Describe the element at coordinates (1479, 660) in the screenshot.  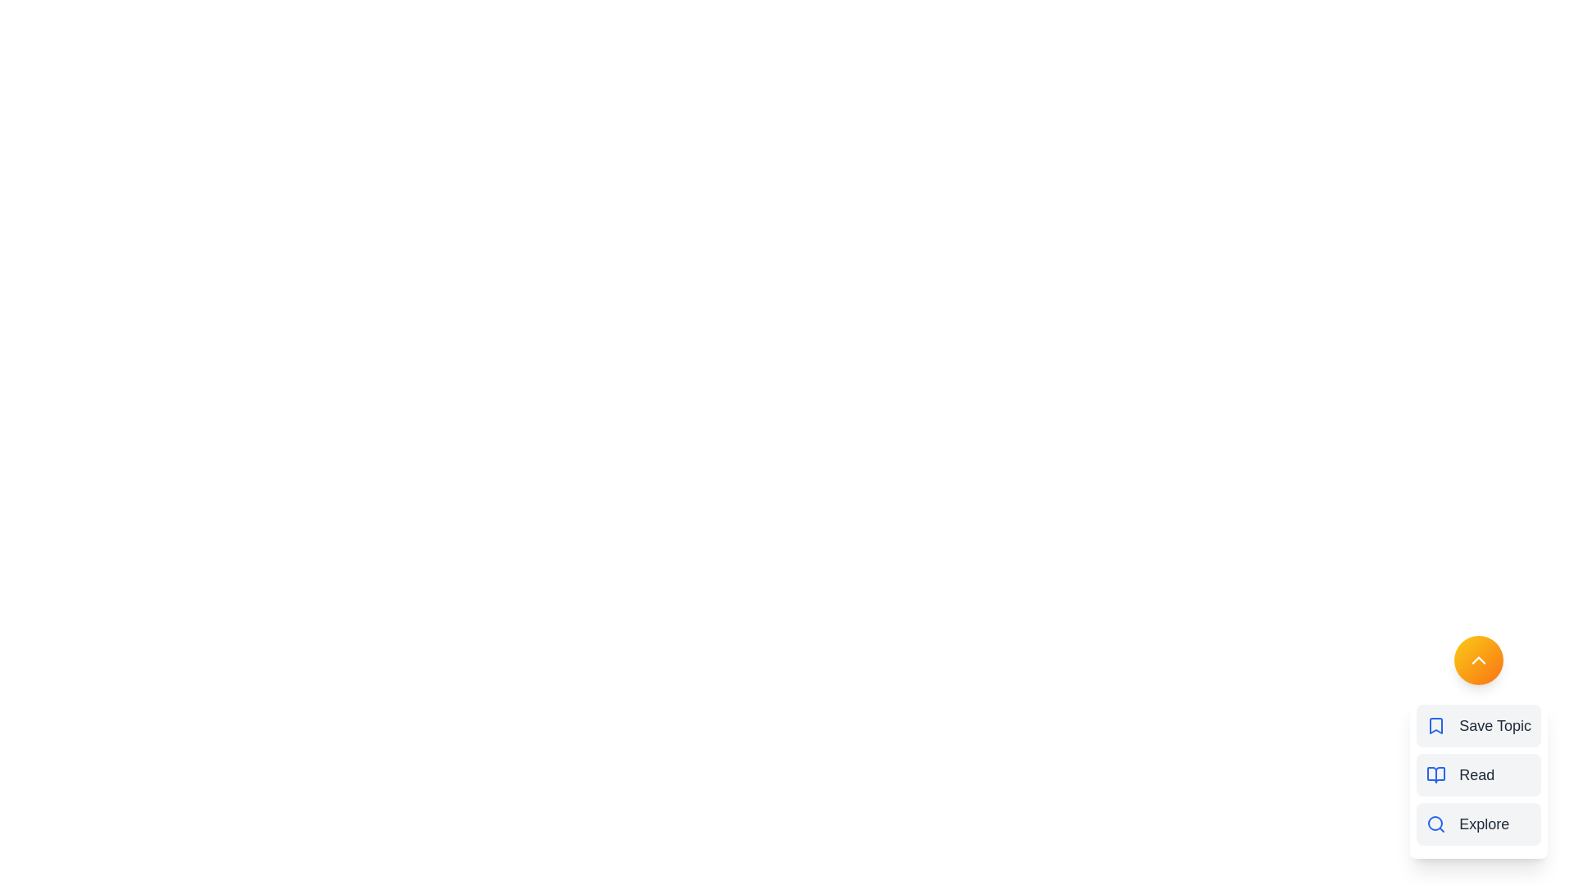
I see `the button to toggle the menu visibility` at that location.